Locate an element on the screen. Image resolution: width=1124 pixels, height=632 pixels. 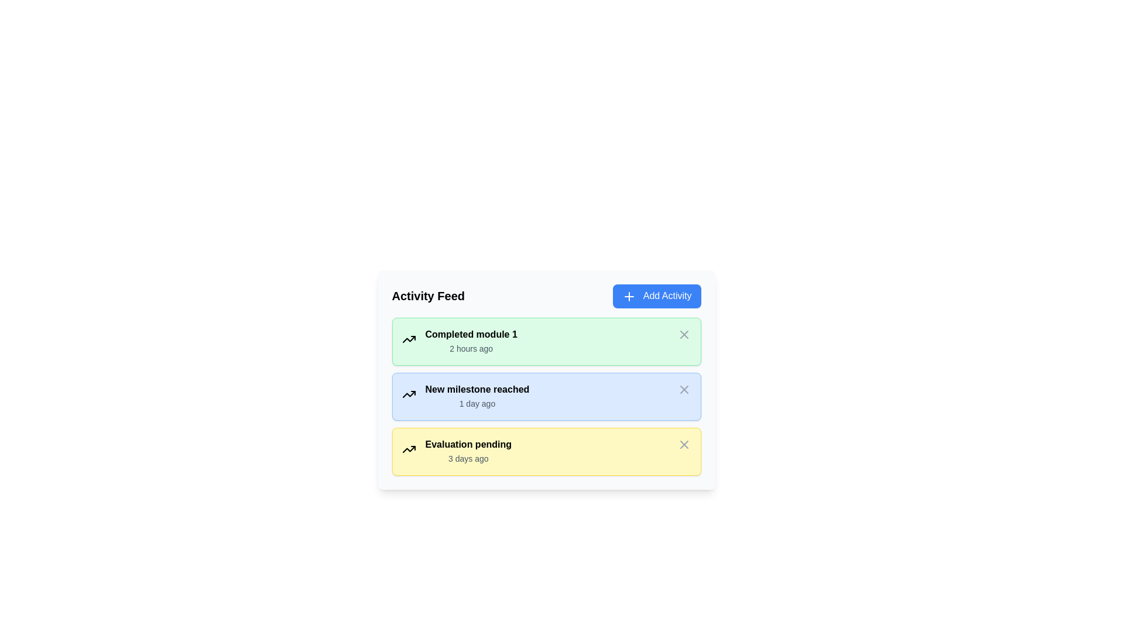
the Text label that conveys the status message 'Evaluation pending' in the Activity Feed section is located at coordinates (468, 444).